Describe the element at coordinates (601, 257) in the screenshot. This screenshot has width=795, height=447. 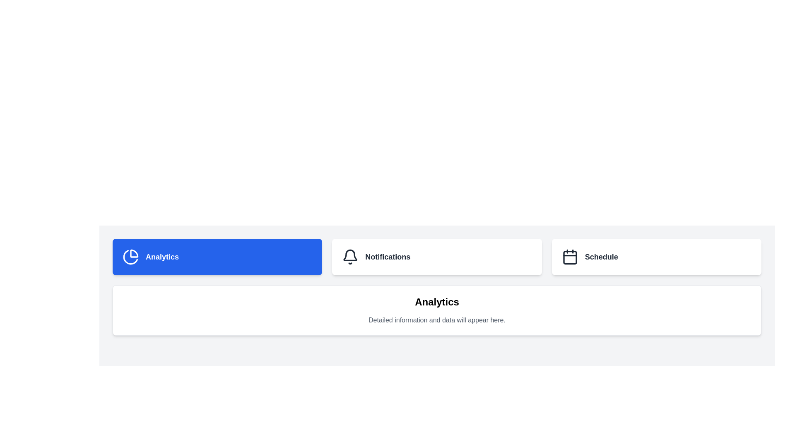
I see `the text label identifying the 'Schedule' module` at that location.